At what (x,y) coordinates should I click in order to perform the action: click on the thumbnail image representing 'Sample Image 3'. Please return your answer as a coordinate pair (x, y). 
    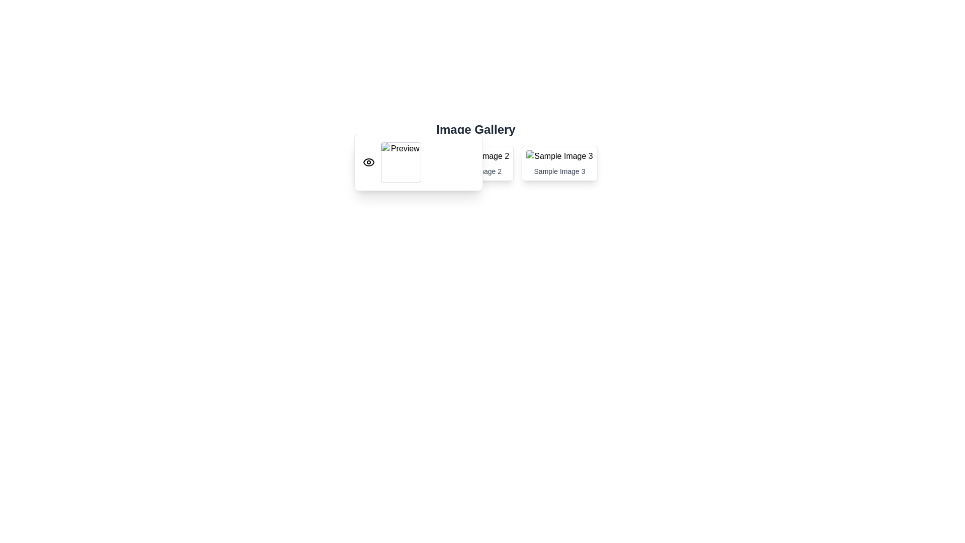
    Looking at the image, I should click on (559, 156).